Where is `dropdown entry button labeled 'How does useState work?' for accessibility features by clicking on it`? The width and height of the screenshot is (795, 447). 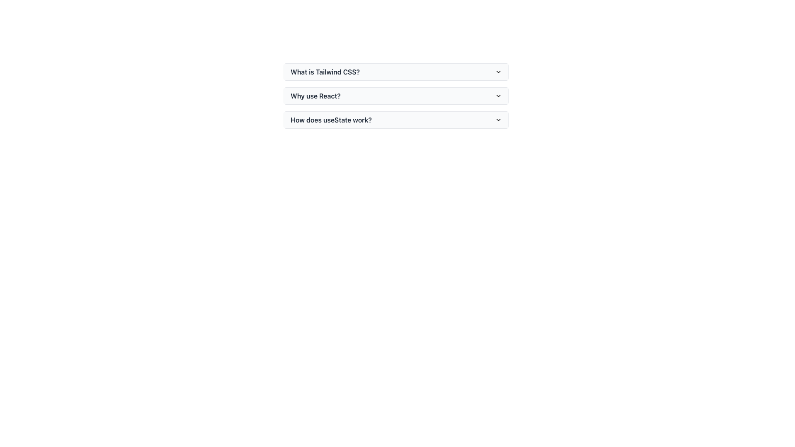 dropdown entry button labeled 'How does useState work?' for accessibility features by clicking on it is located at coordinates (395, 120).